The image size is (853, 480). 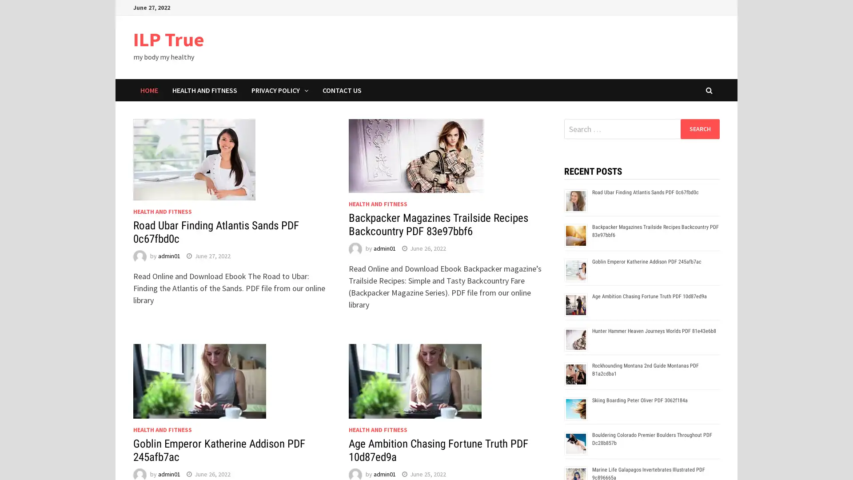 I want to click on Search, so click(x=699, y=128).